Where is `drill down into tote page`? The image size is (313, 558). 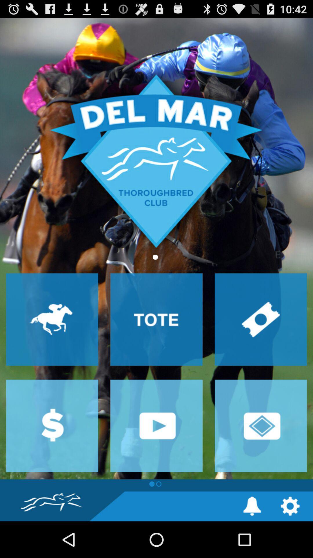
drill down into tote page is located at coordinates (156, 319).